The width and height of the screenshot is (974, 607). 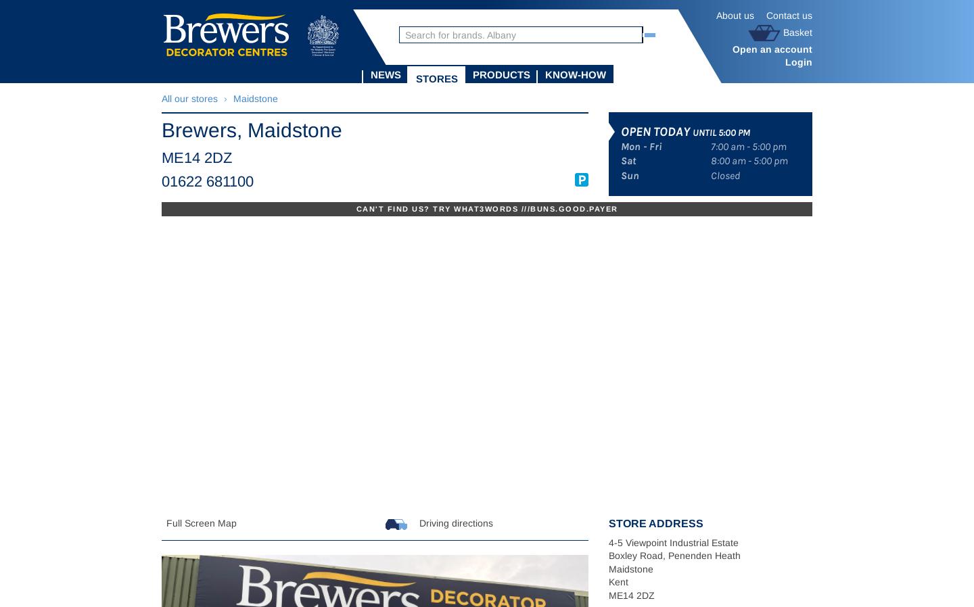 I want to click on 'Basket', so click(x=783, y=30).